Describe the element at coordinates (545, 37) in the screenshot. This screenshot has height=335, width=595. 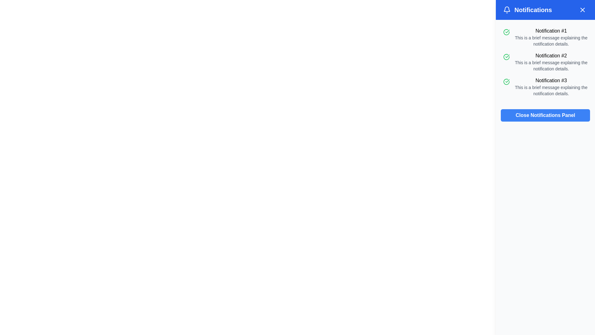
I see `the notification entry labeled 'Notification #1'` at that location.